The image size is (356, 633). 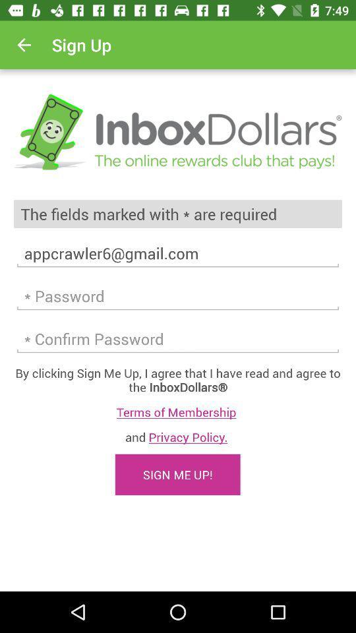 What do you see at coordinates (178, 437) in the screenshot?
I see `the and privacy policy.  icon` at bounding box center [178, 437].